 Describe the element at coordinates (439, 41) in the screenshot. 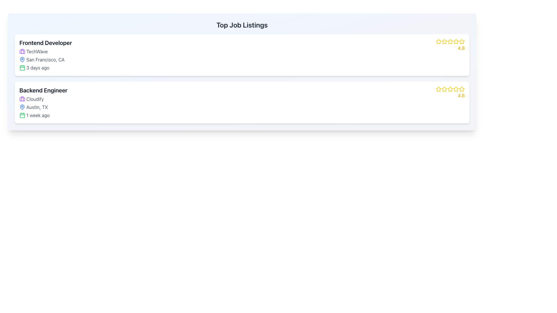

I see `the first star icon of the rating system for the job listing 'Frontend Developer', located at the top right corner of the card` at that location.